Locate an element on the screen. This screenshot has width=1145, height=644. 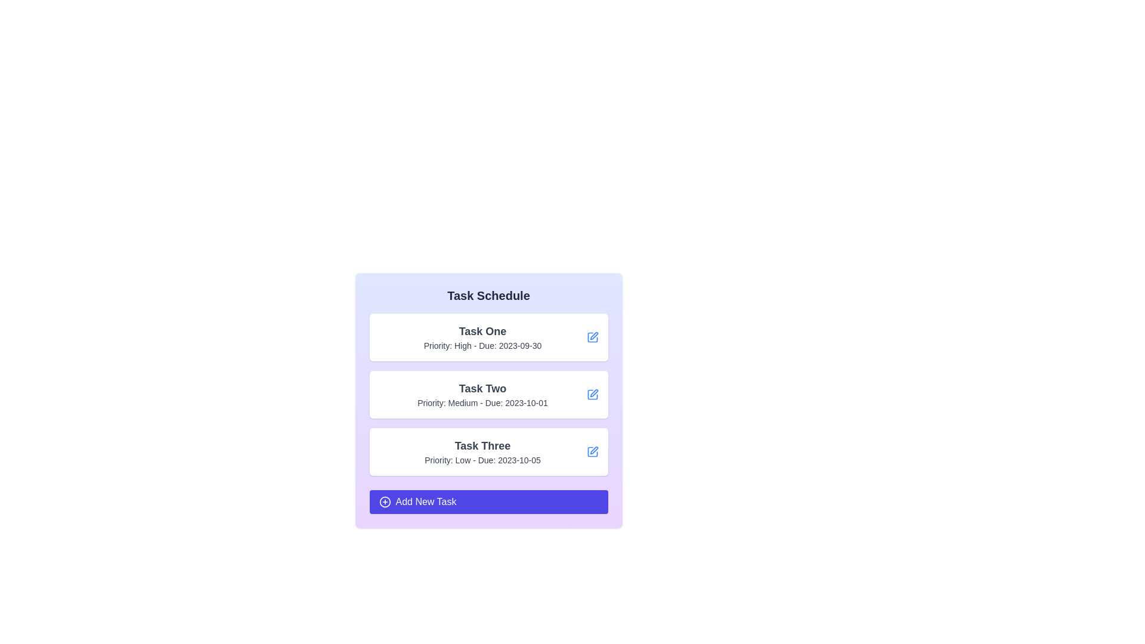
the task item Task Three to highlight it is located at coordinates (488, 452).